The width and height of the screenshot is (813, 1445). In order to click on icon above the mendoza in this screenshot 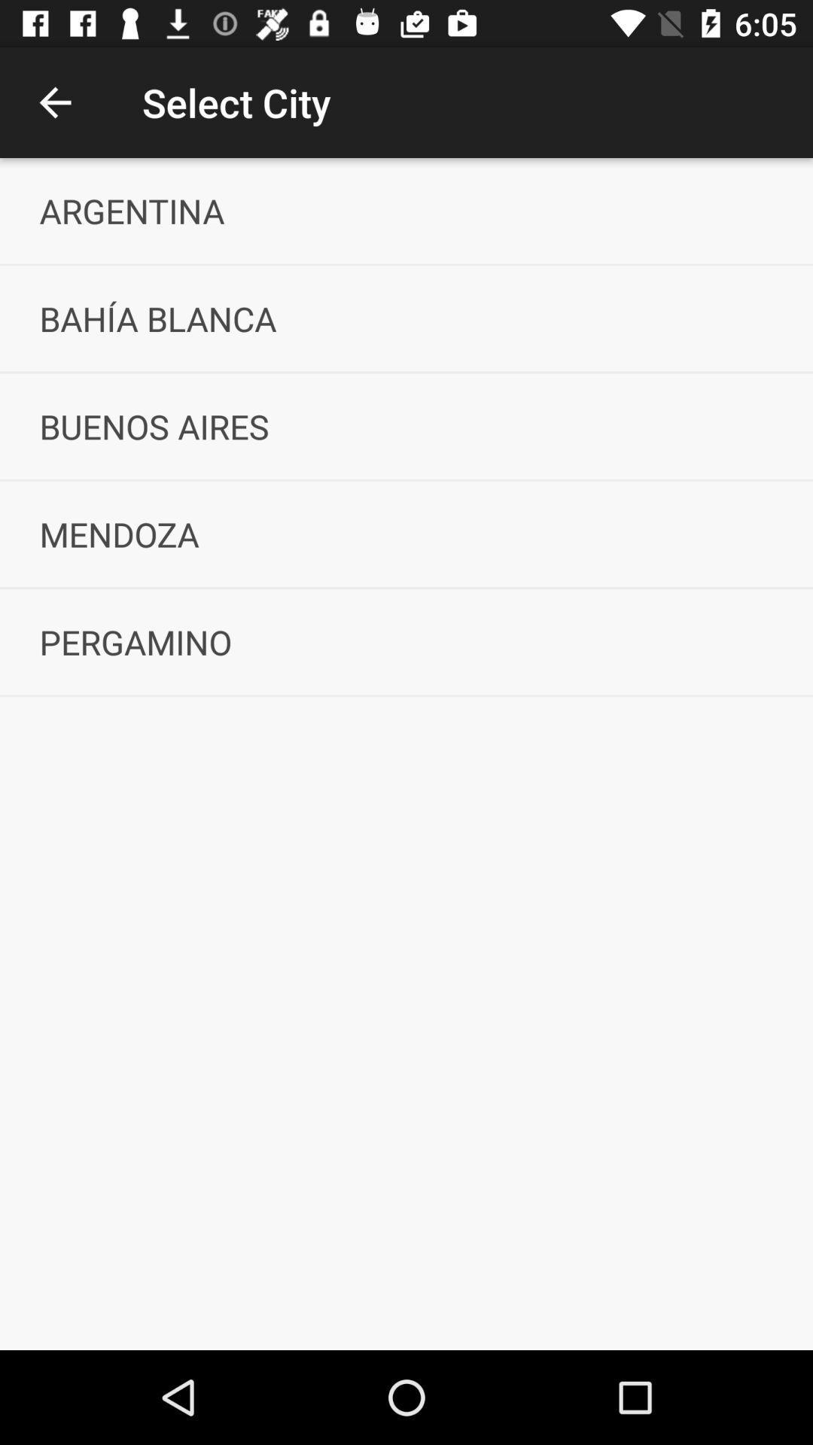, I will do `click(406, 425)`.